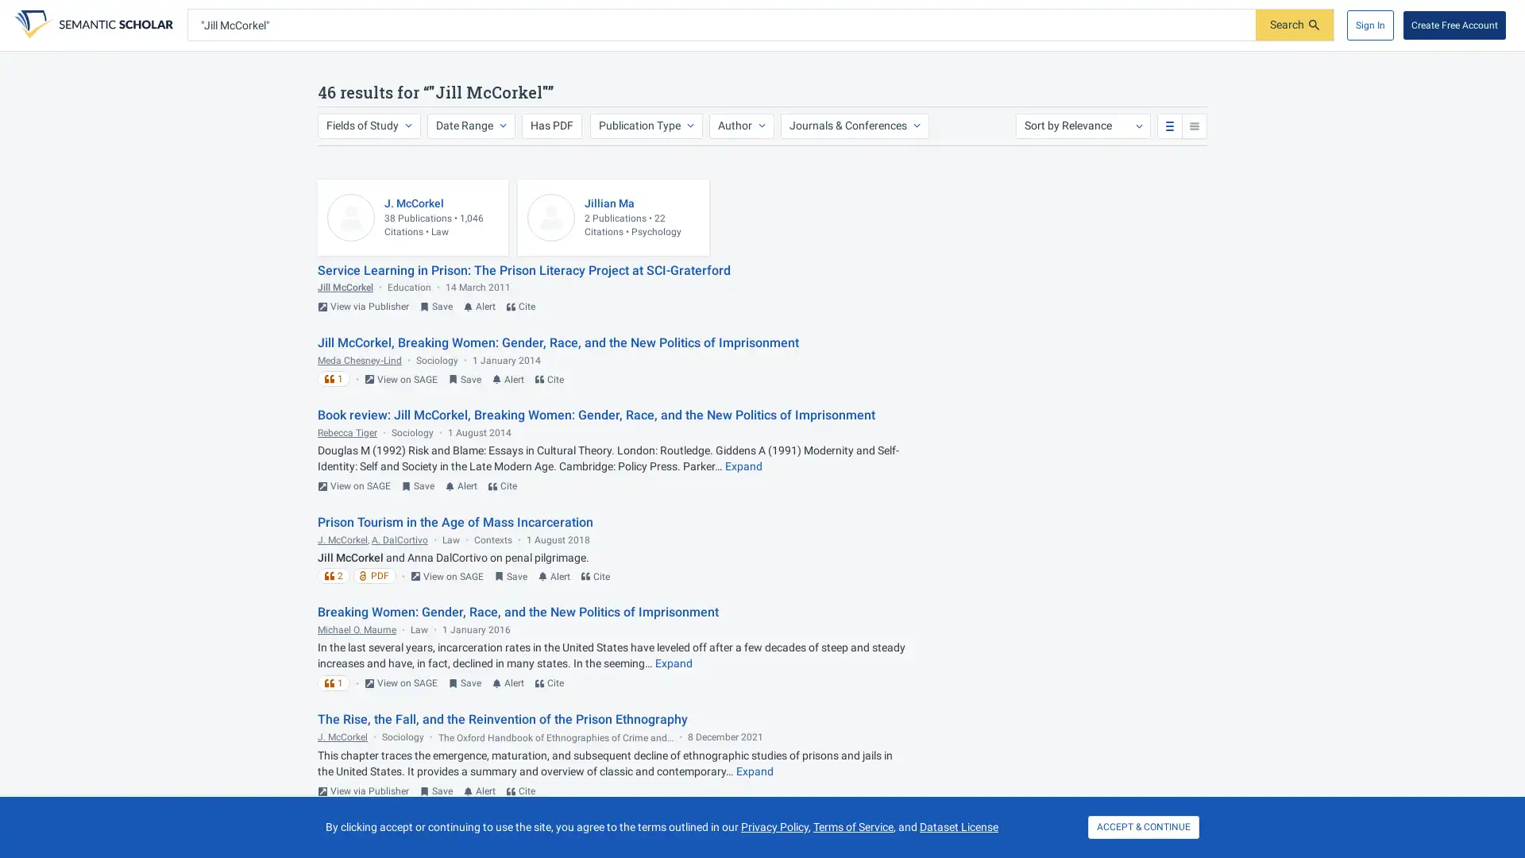 Image resolution: width=1525 pixels, height=858 pixels. I want to click on Author, so click(739, 125).